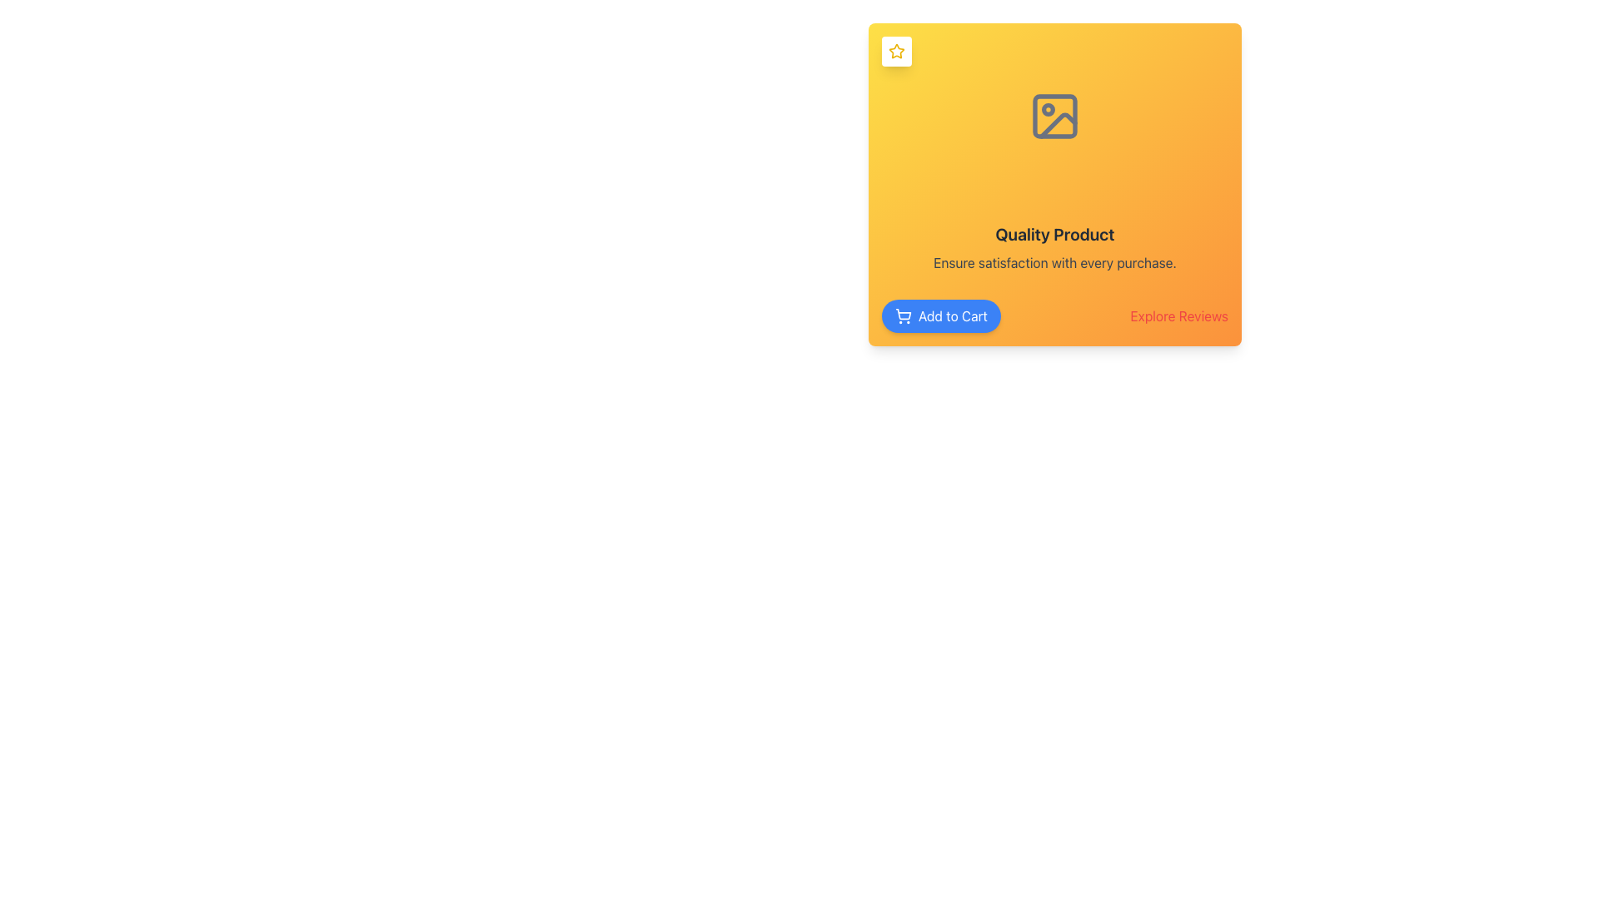 The width and height of the screenshot is (1599, 899). Describe the element at coordinates (894, 50) in the screenshot. I see `the decorative or status icon located at the top-left corner of the primary card, above the title and image` at that location.